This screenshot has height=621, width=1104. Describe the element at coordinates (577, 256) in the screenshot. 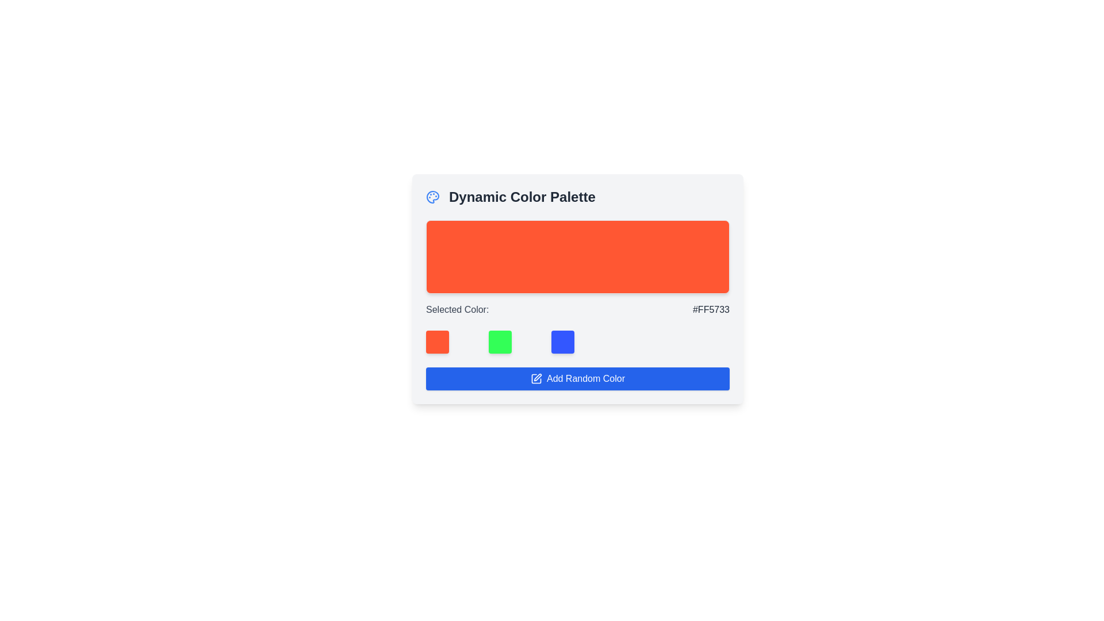

I see `the Colored Display Block with a vibrant orange background and rounded corners, located in the 'Dynamic Color Palette' section` at that location.